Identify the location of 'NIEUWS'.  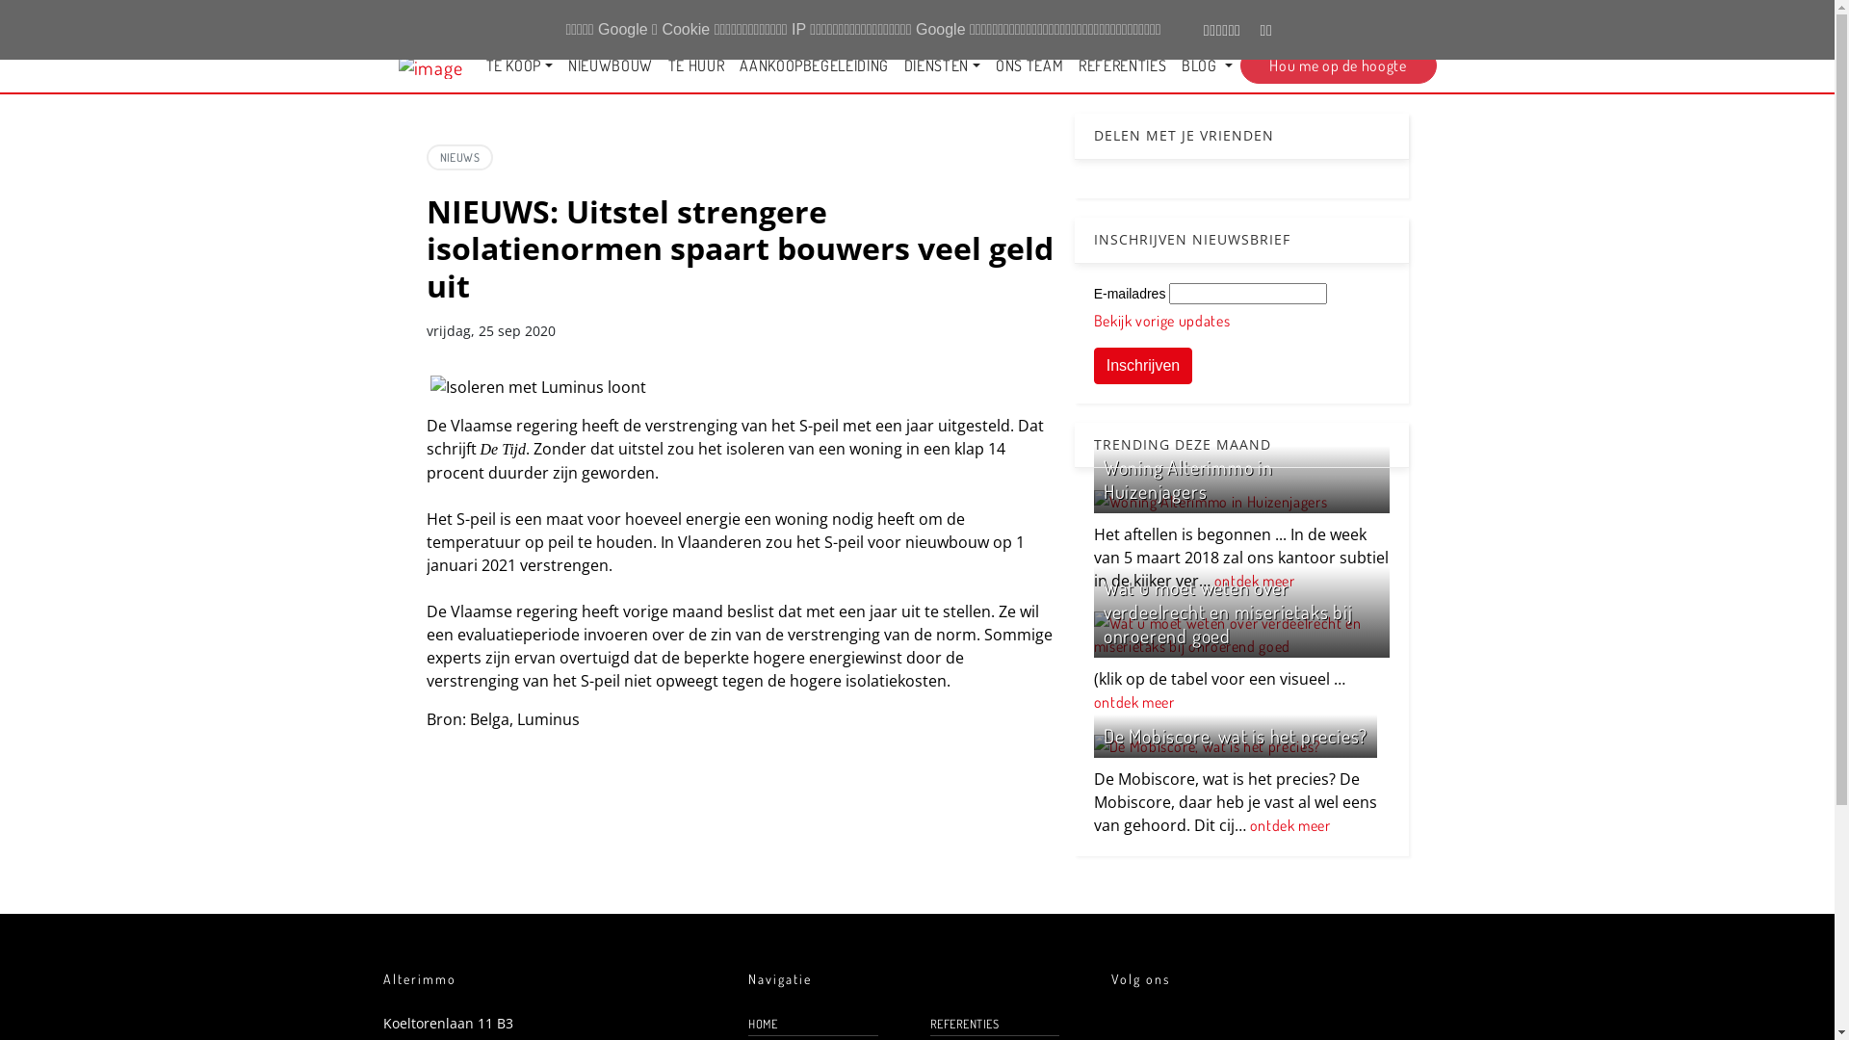
(457, 156).